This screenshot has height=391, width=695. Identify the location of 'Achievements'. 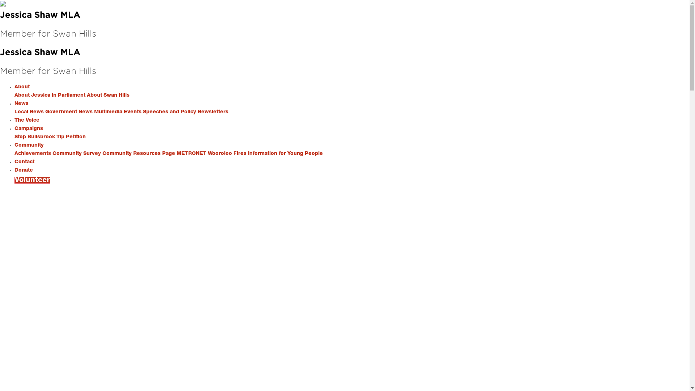
(32, 153).